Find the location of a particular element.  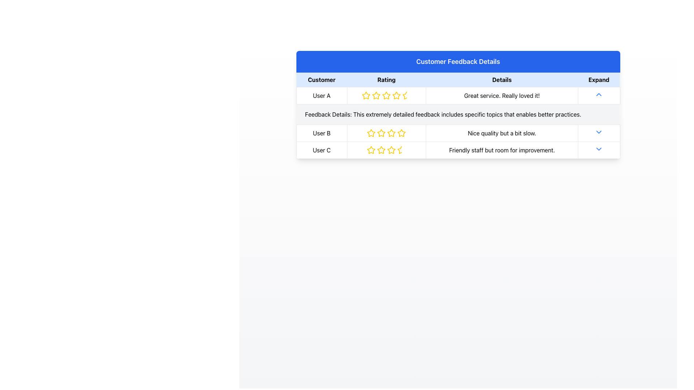

the half-star icon representing the fractional rating for 'User C' in the fourth position of the star rating system is located at coordinates (399, 149).